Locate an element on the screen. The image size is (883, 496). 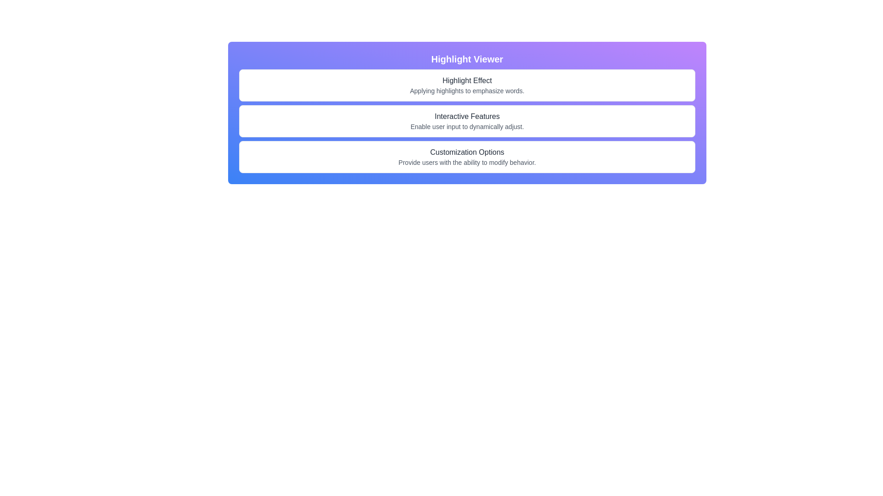
the second lowercase letter 'i' in the text 'Customization Options', which is underlined and black in color, located at the bottom section of the interface is located at coordinates (491, 152).